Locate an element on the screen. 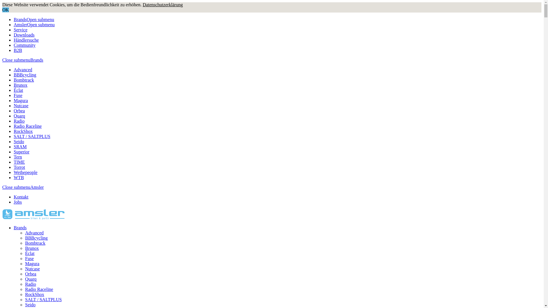  'Magura' is located at coordinates (32, 264).